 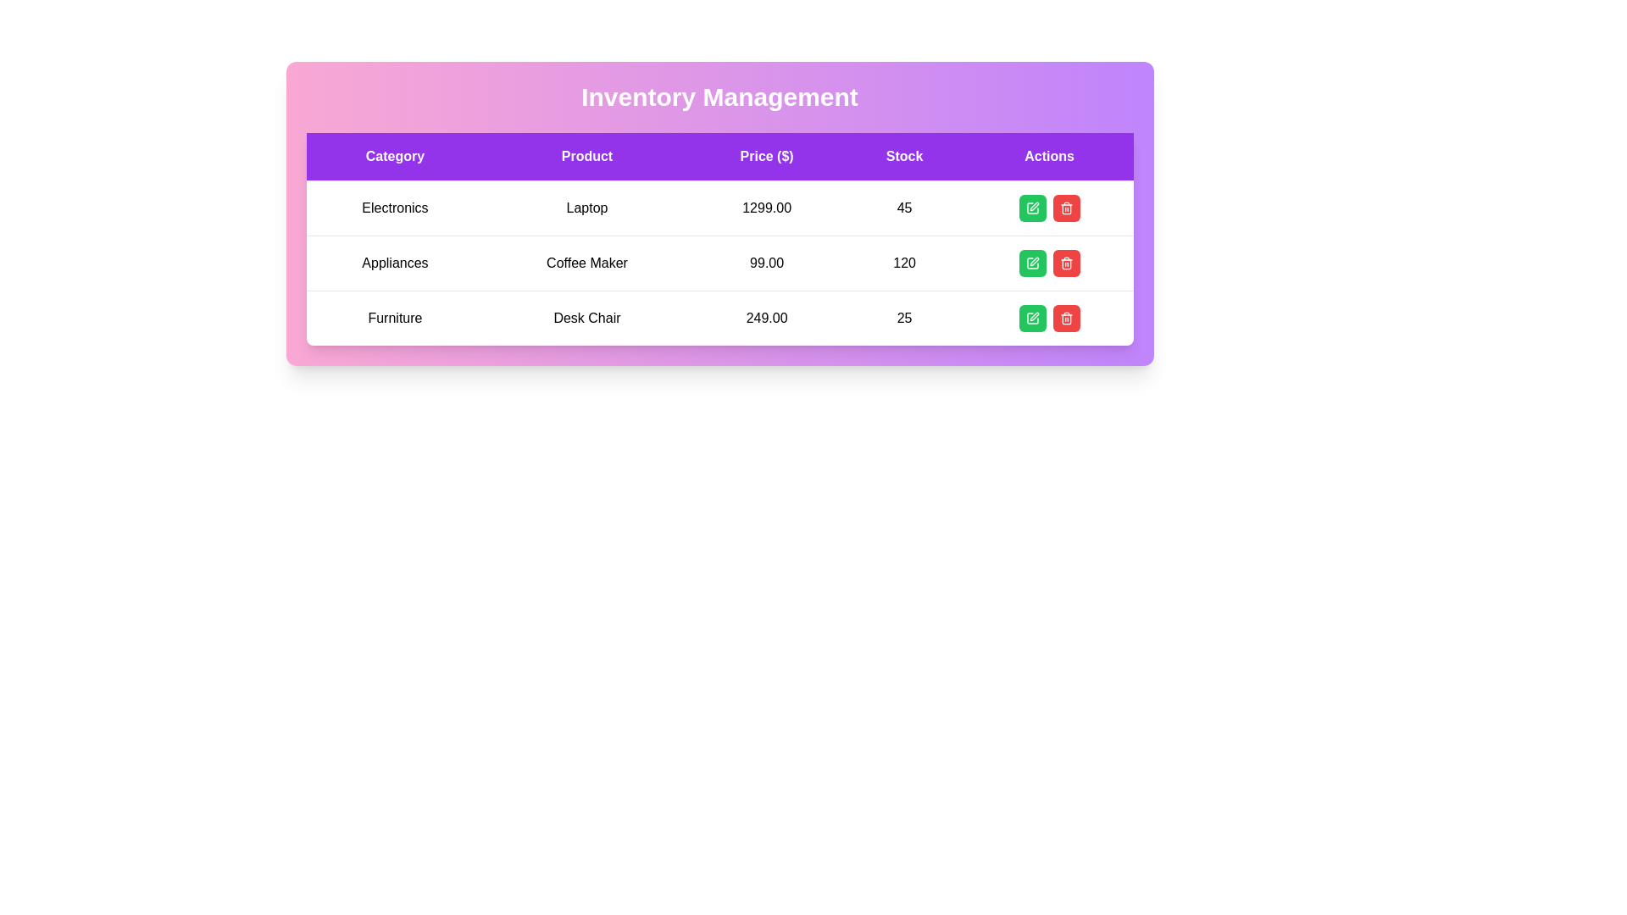 I want to click on the 'Edit' button in the 'Actions' column of the second row of the table, so click(x=1031, y=263).